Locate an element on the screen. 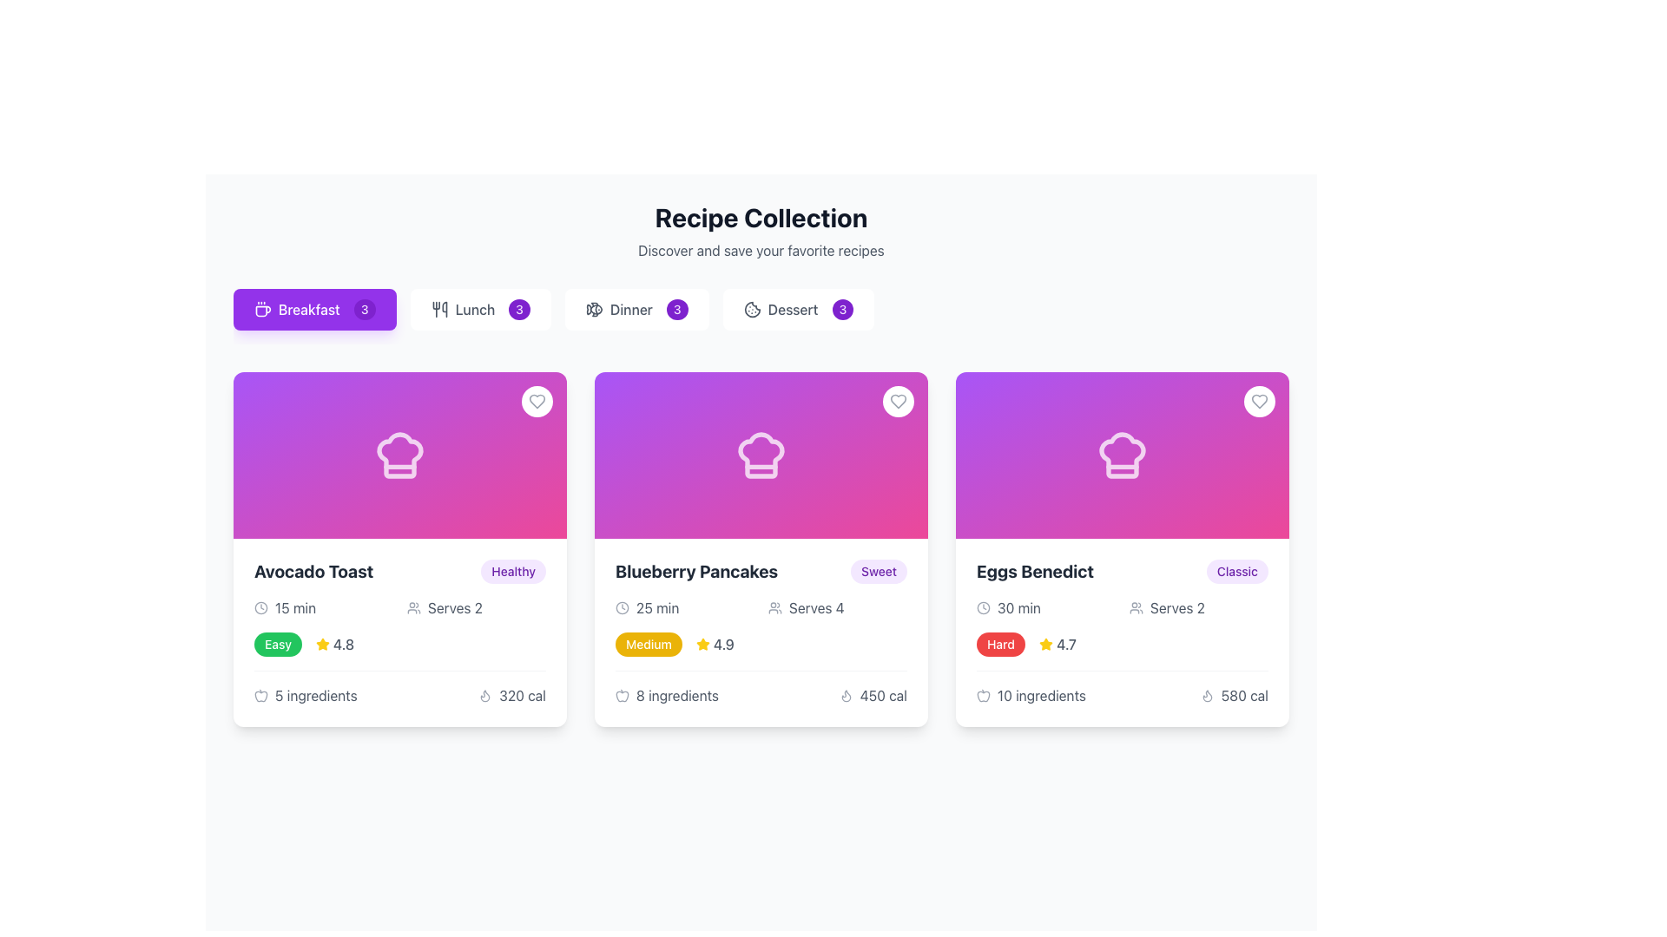 This screenshot has width=1667, height=937. the rating display icon and text pair on the 'Eggs Benedict' recipe card is located at coordinates (1057, 645).